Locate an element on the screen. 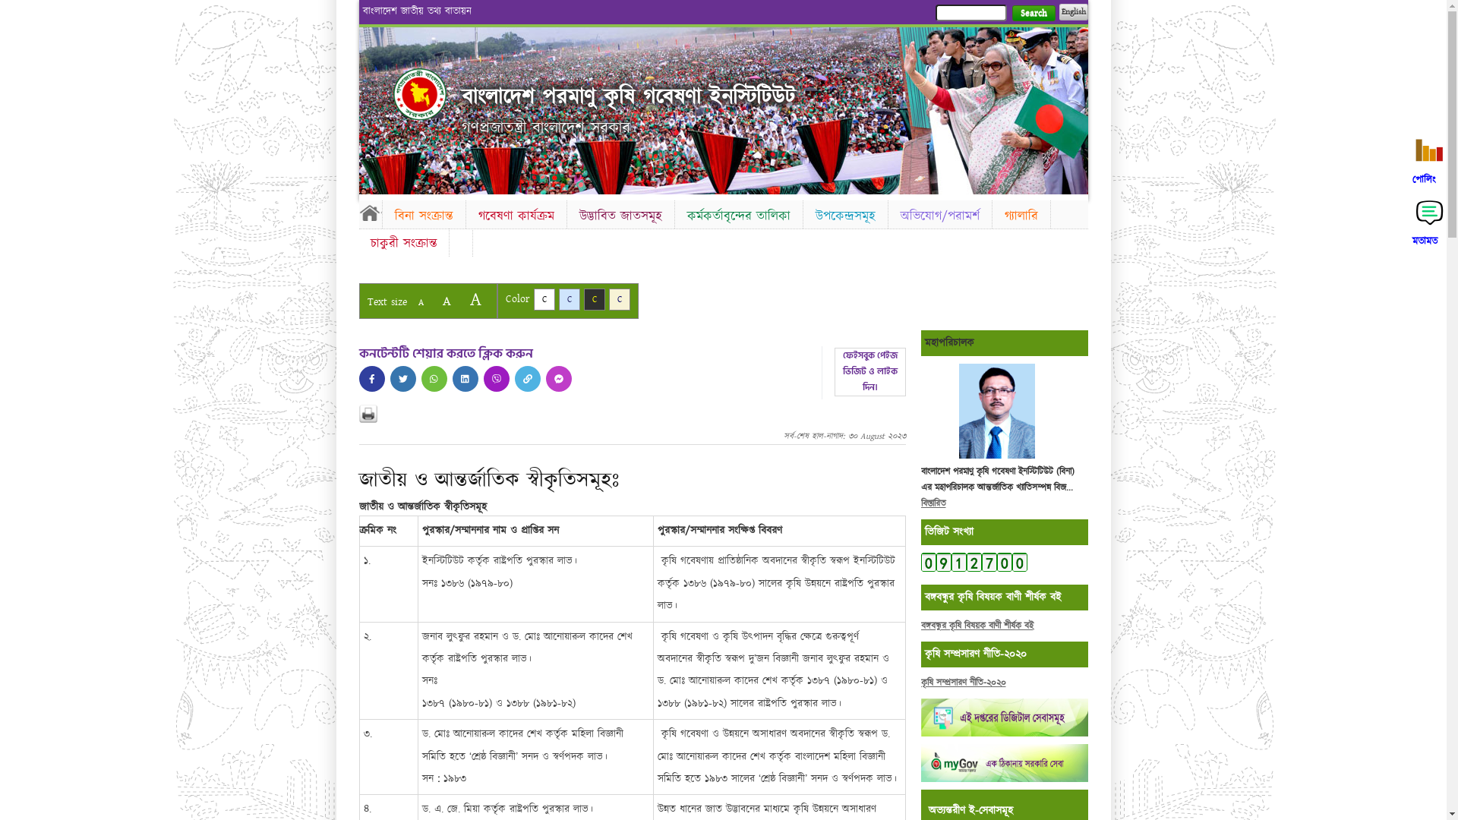 This screenshot has height=820, width=1458. 'A' is located at coordinates (409, 302).